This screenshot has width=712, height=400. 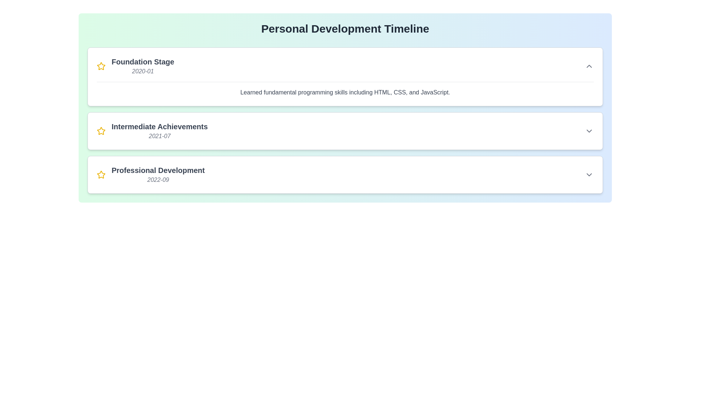 What do you see at coordinates (589, 66) in the screenshot?
I see `the toggle button located at the top-right corner of the 'Foundation Stage 2020-01' section header` at bounding box center [589, 66].